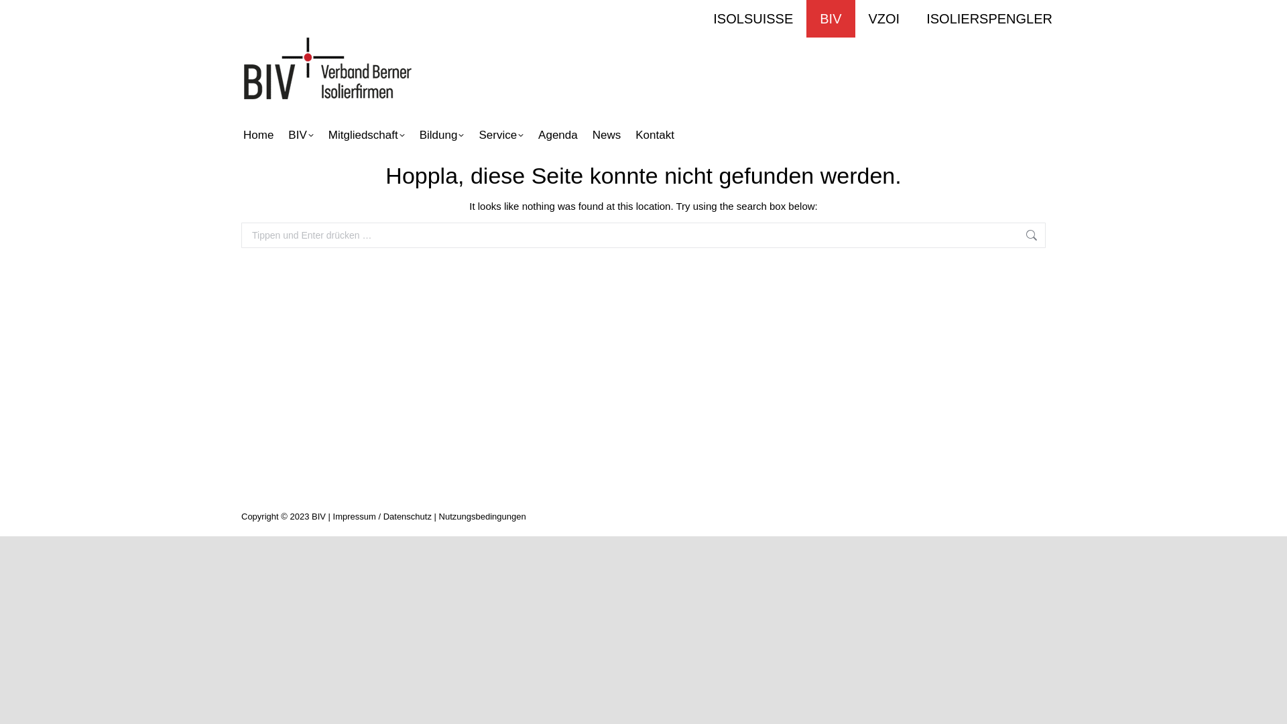 Image resolution: width=1287 pixels, height=724 pixels. What do you see at coordinates (1045, 235) in the screenshot?
I see `'Los!'` at bounding box center [1045, 235].